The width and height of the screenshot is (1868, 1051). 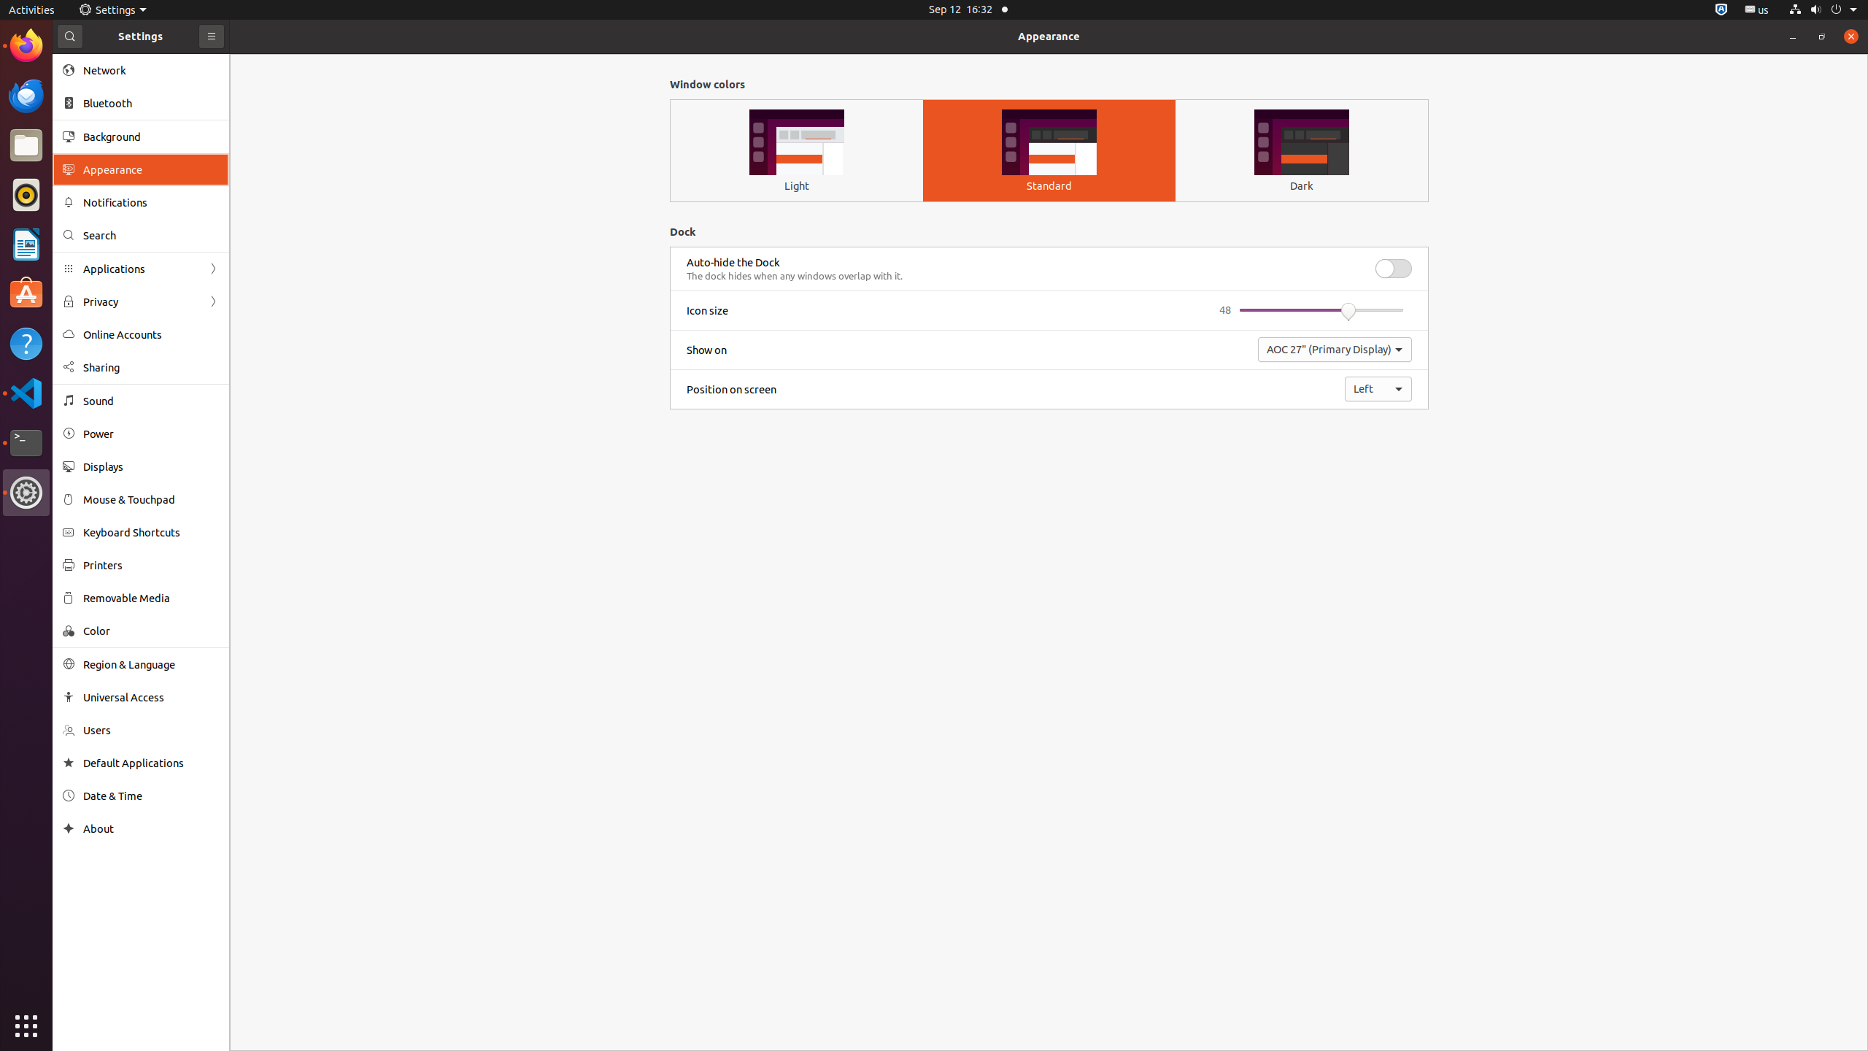 I want to click on 'Privacy', so click(x=140, y=301).